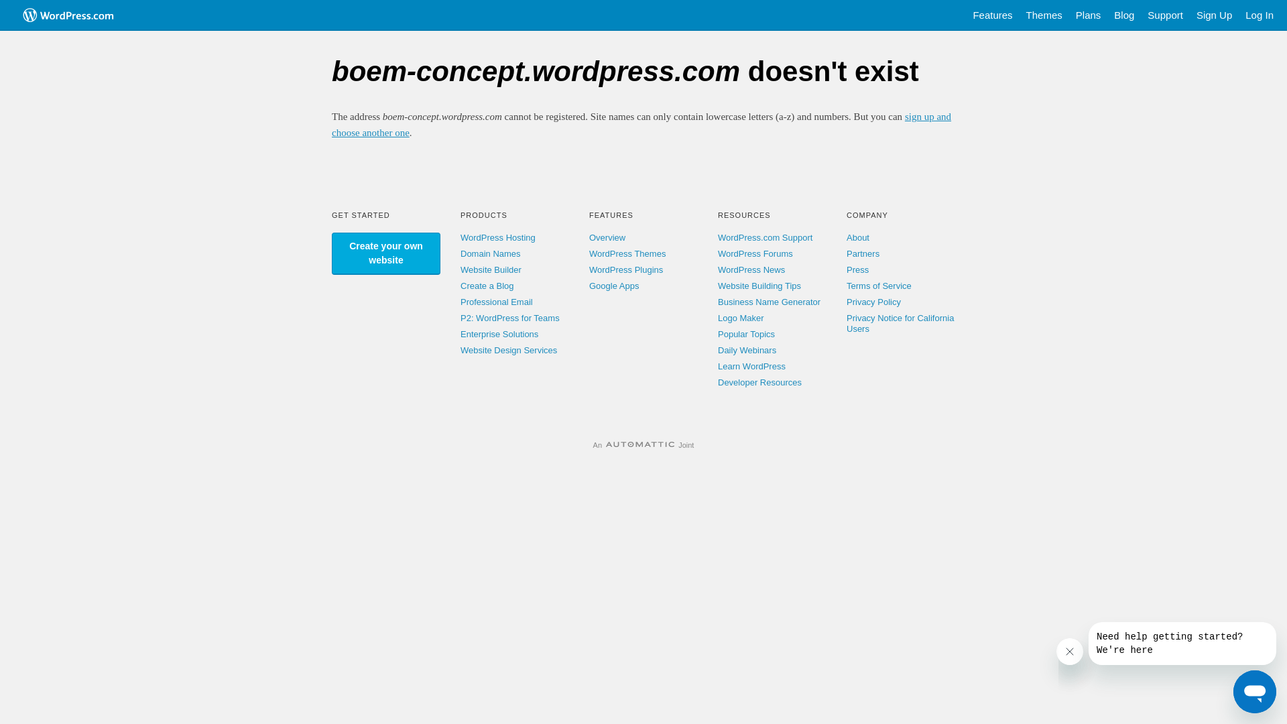  I want to click on 'Google Apps', so click(613, 285).